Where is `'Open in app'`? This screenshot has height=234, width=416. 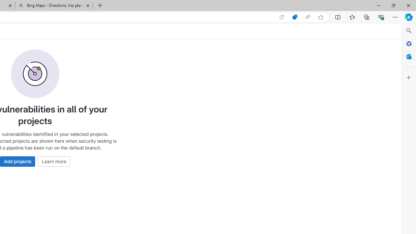
'Open in app' is located at coordinates (282, 17).